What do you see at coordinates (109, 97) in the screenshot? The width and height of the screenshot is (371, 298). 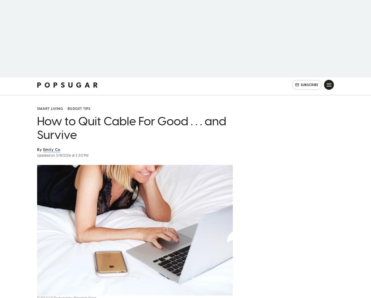 I see `'Beauty'` at bounding box center [109, 97].